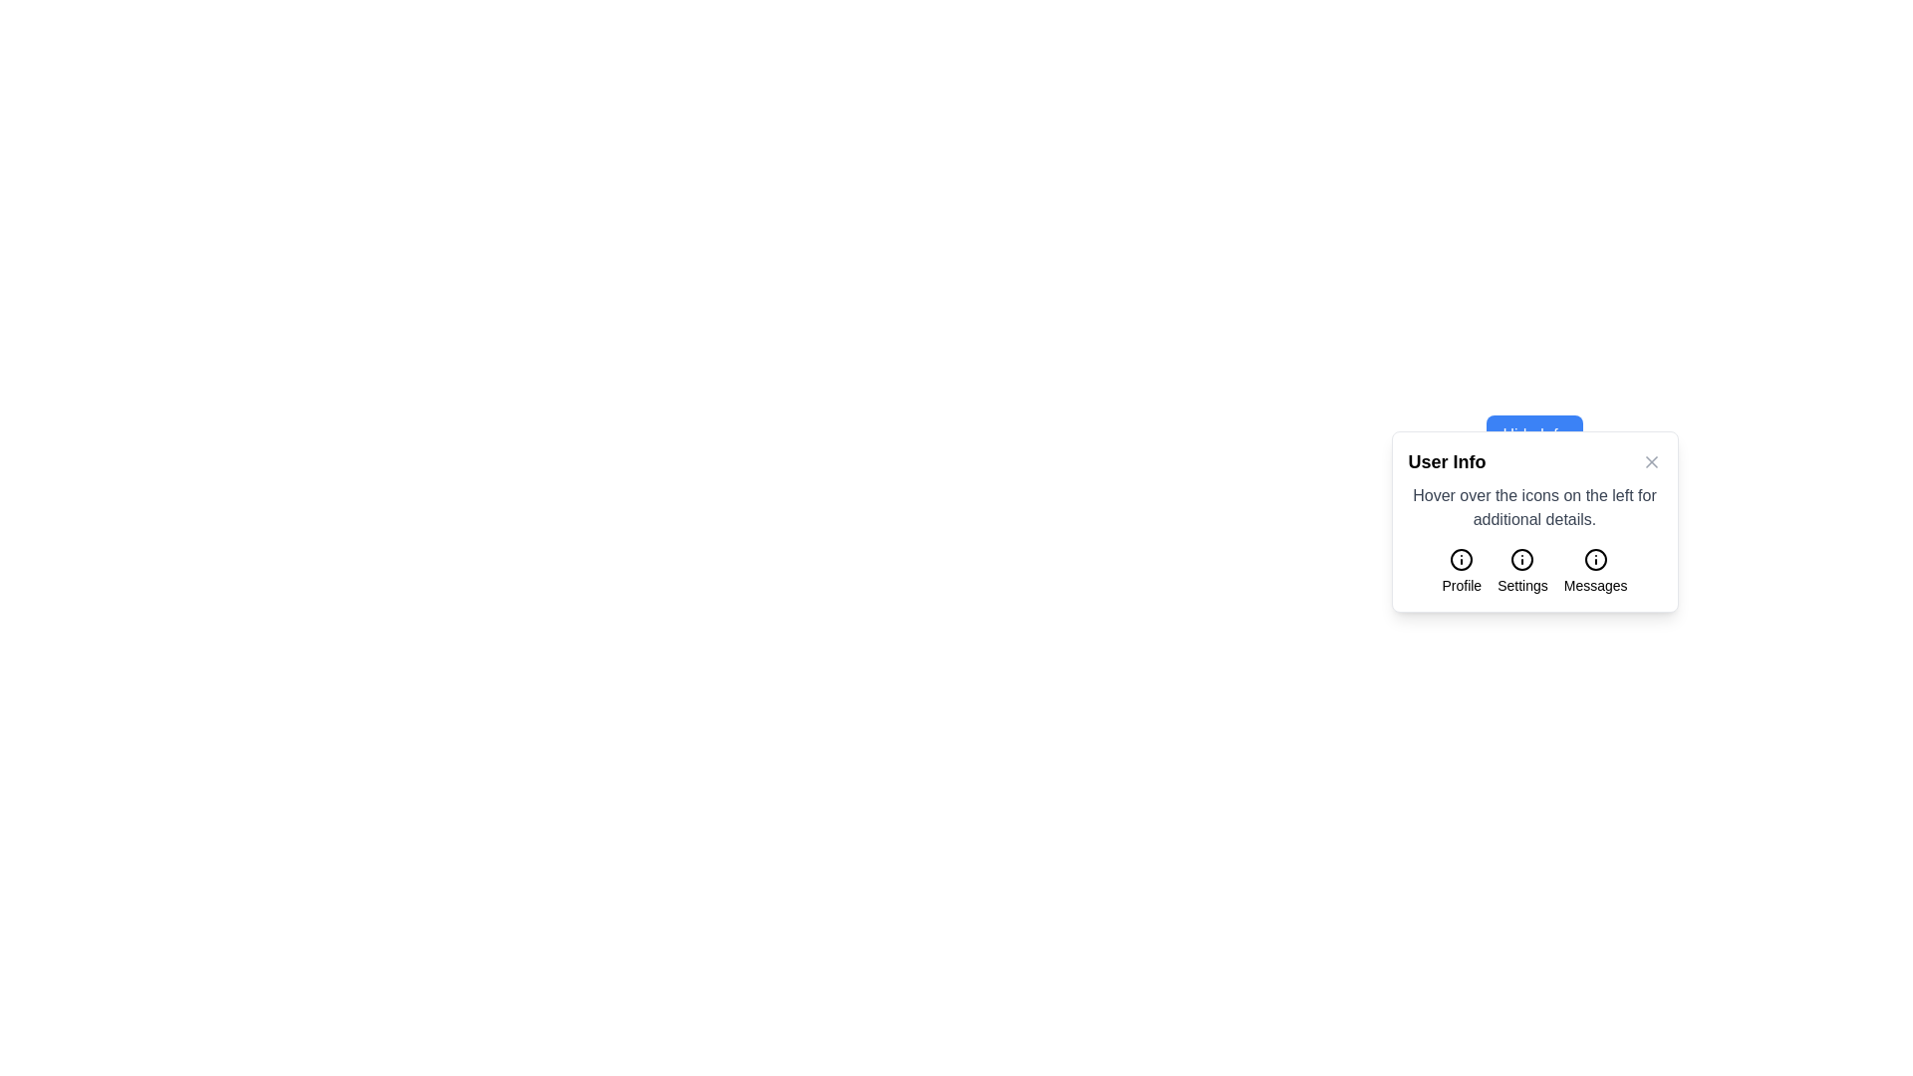 The width and height of the screenshot is (1913, 1076). I want to click on the 'Messages' icon located under the 'User Info' section, which is the third icon in the row of icons following 'Profile' and 'Settings', so click(1595, 560).